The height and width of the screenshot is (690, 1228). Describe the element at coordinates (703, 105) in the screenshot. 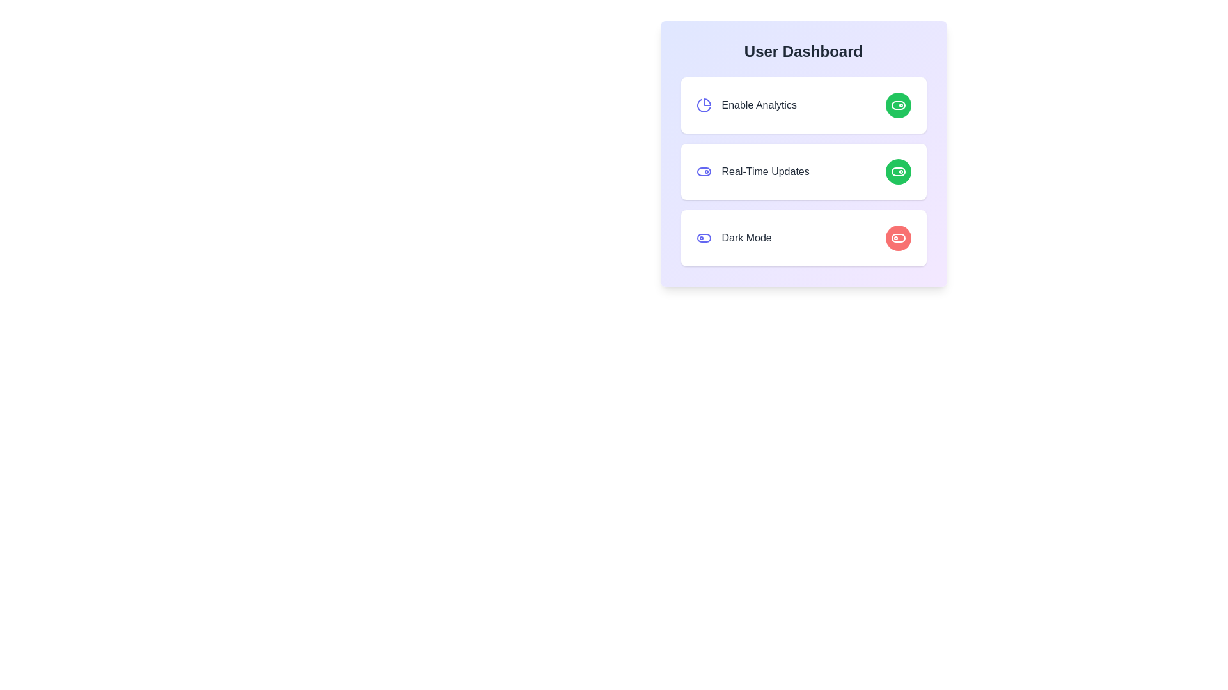

I see `the analytics icon located to the left of the 'Enable Analytics' text in the first item of the list under the 'User Dashboard.'` at that location.